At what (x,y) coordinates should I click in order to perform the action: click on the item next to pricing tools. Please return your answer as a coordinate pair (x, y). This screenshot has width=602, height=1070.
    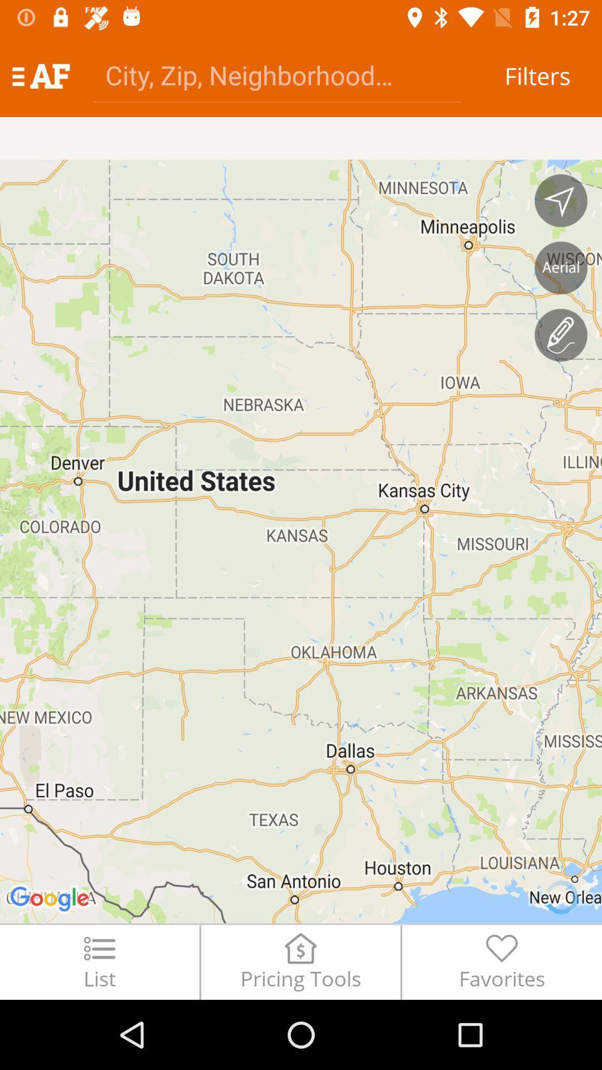
    Looking at the image, I should click on (502, 961).